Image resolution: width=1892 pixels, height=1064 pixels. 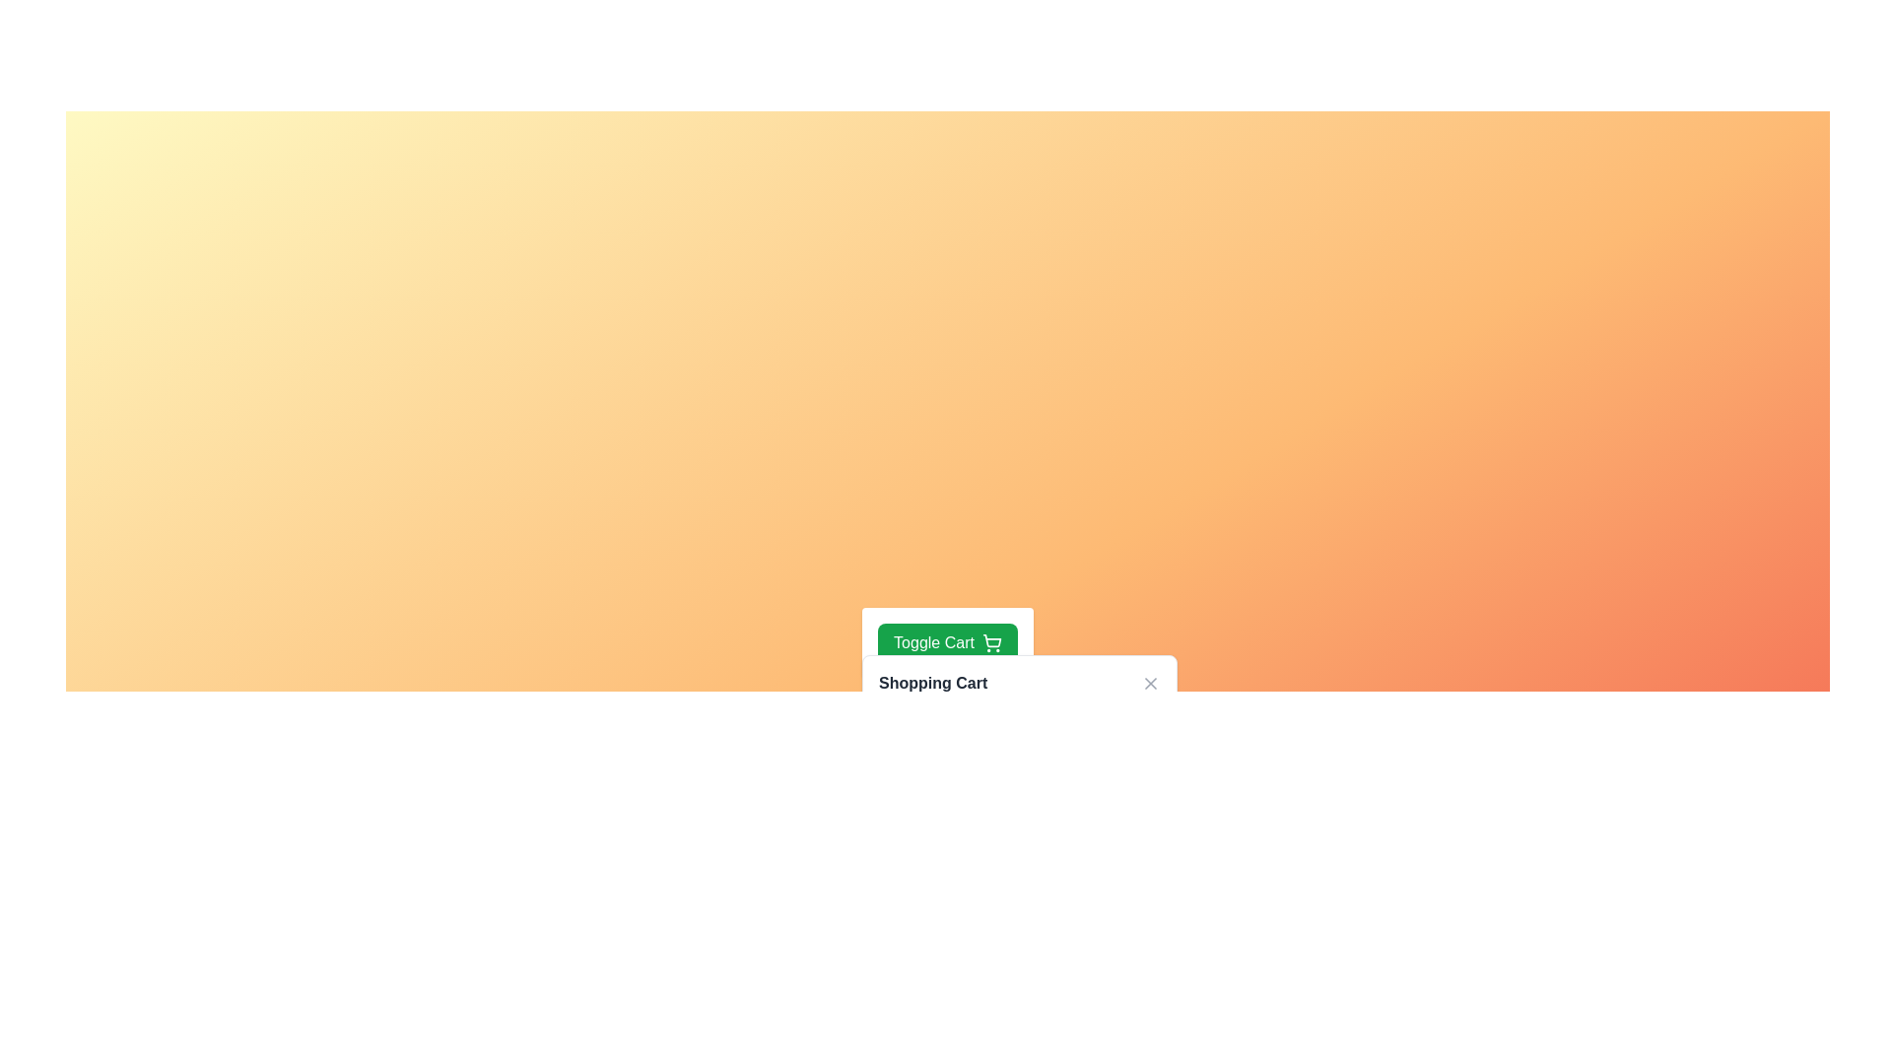 What do you see at coordinates (1151, 683) in the screenshot?
I see `the close/dismiss button icon located in the upper-right corner of the 'Shopping Cart' box to trigger visual feedback` at bounding box center [1151, 683].